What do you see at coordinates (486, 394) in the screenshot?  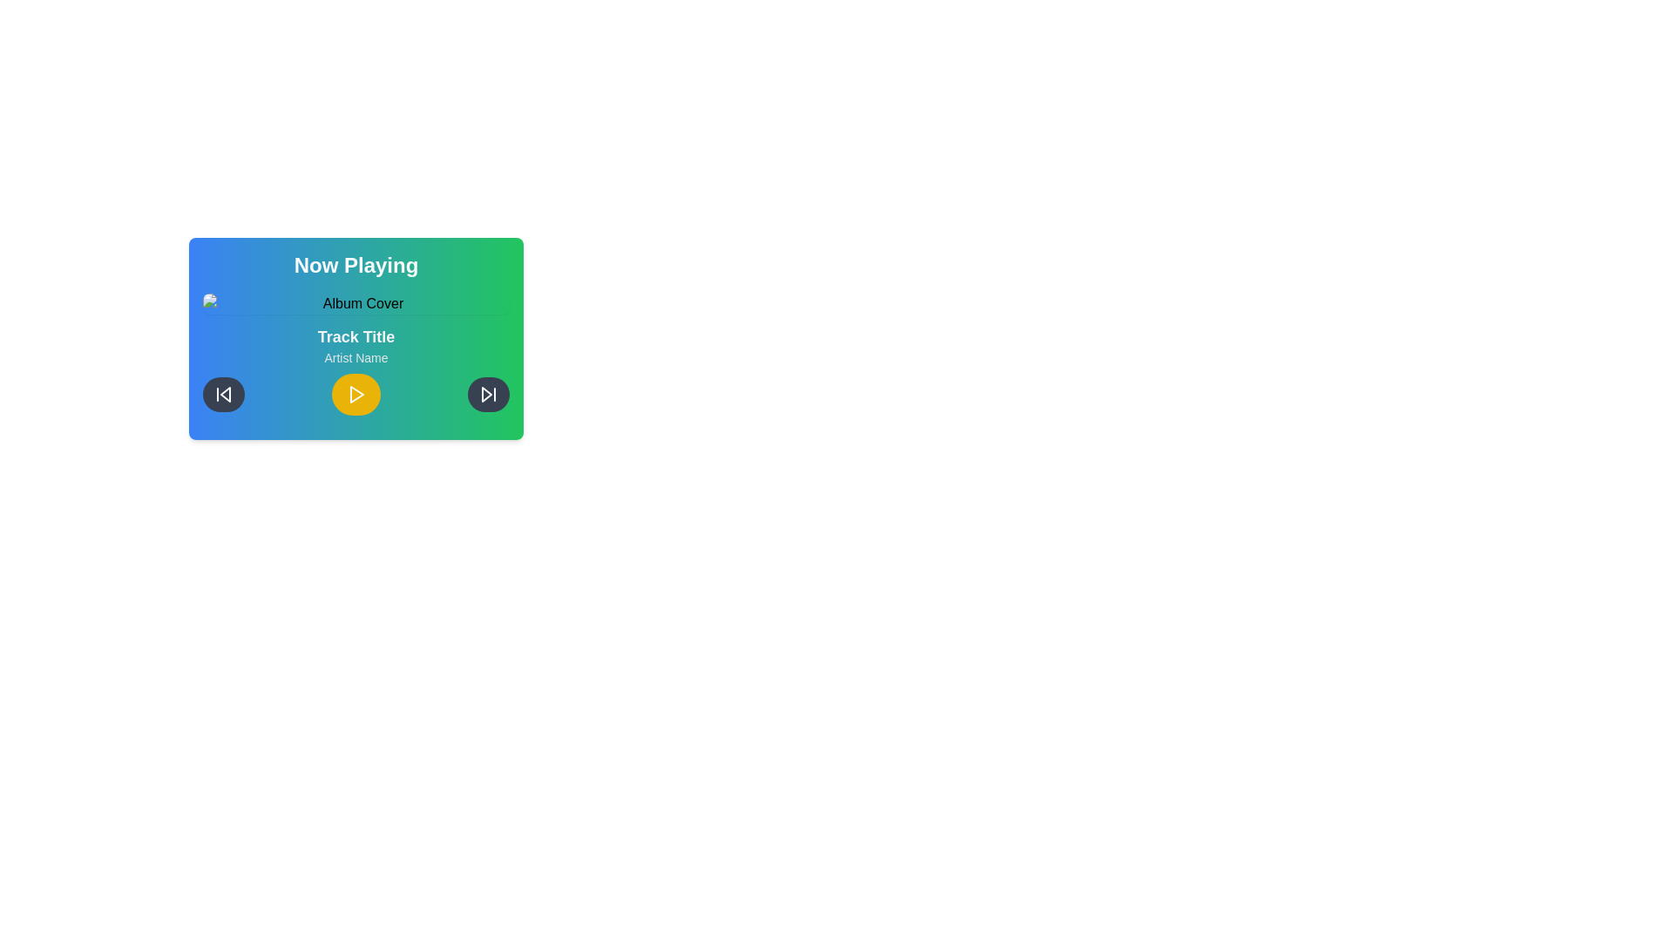 I see `the triangular icon located in the bottom-right corner of the media player card to skip to the next media item in the playlist` at bounding box center [486, 394].